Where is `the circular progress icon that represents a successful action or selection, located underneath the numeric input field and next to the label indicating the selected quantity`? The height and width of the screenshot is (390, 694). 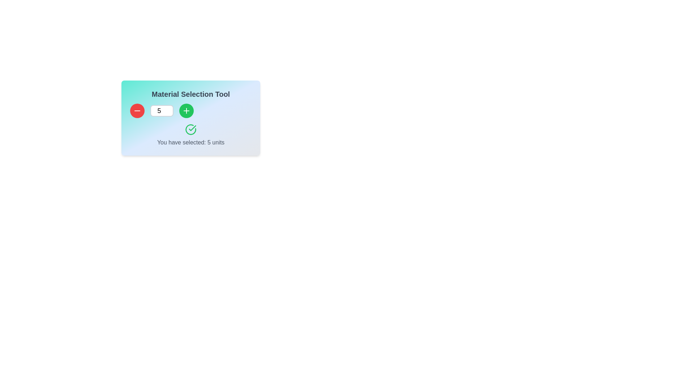
the circular progress icon that represents a successful action or selection, located underneath the numeric input field and next to the label indicating the selected quantity is located at coordinates (191, 129).